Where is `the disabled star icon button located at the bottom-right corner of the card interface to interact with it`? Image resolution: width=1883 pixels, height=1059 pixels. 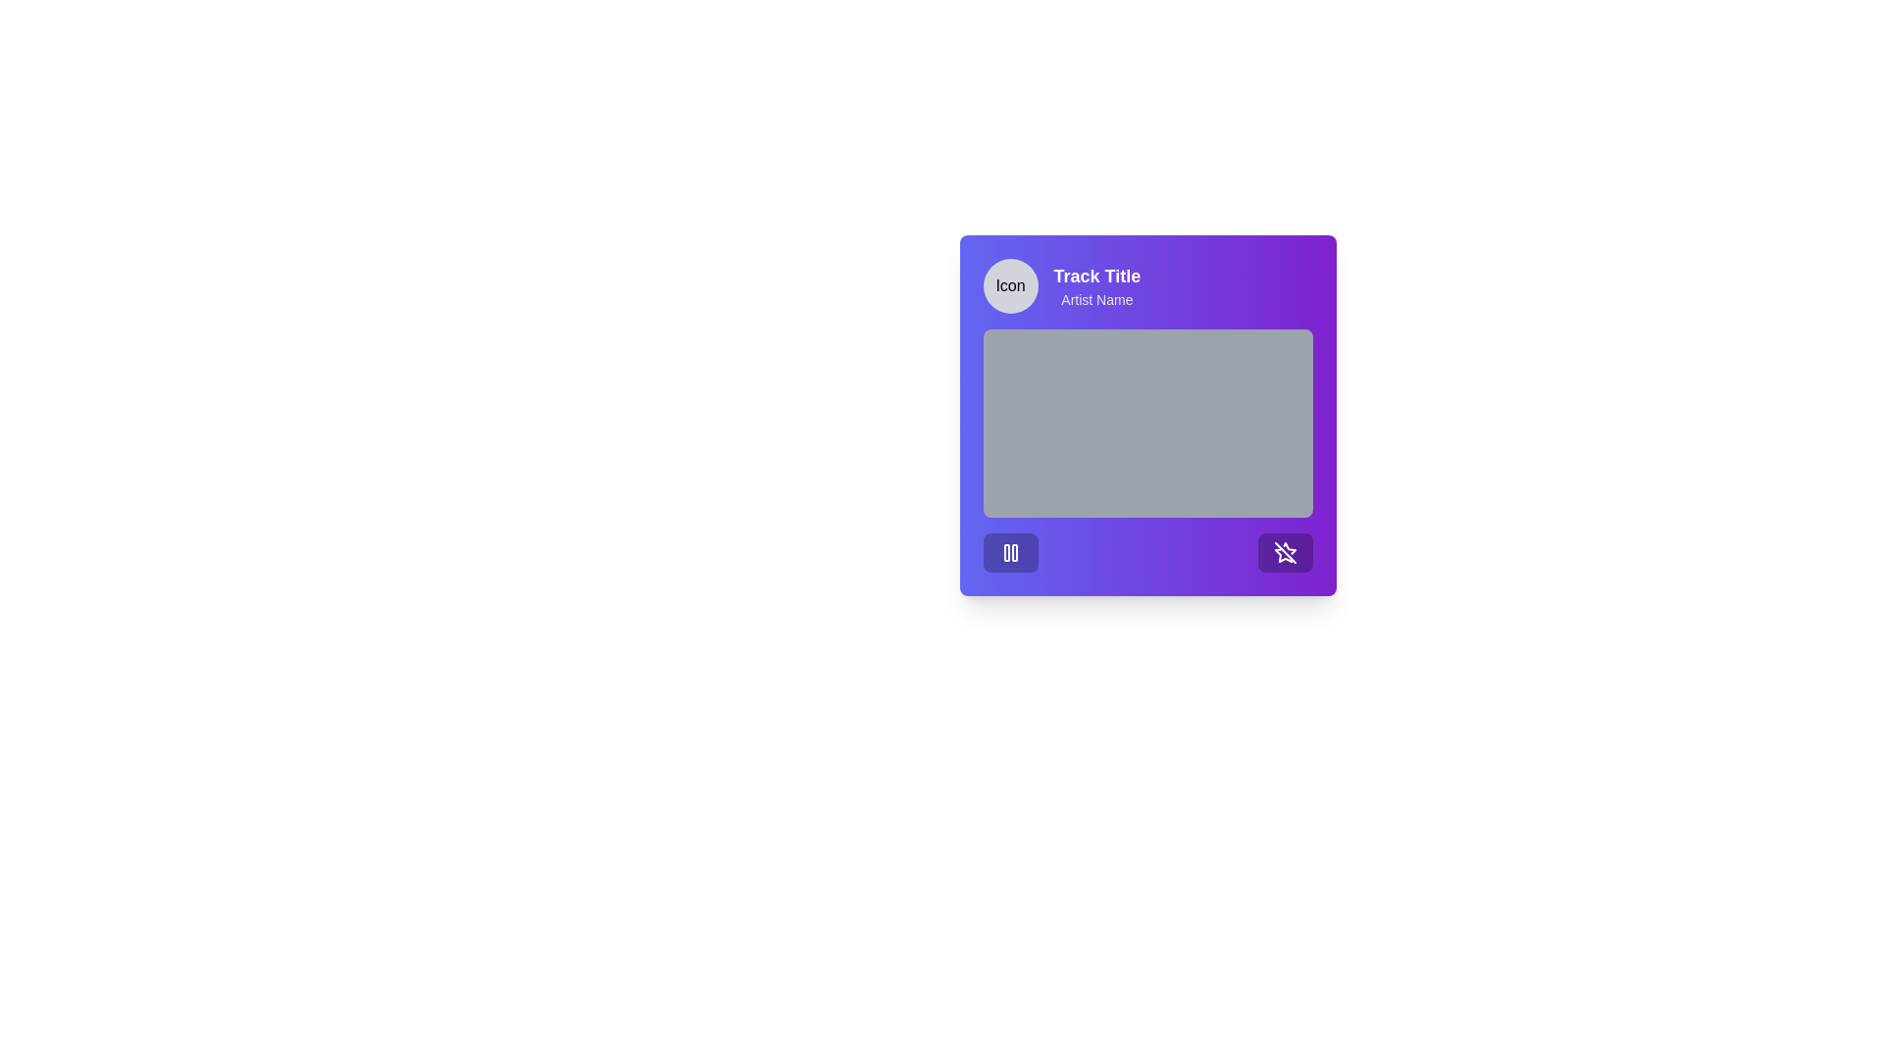 the disabled star icon button located at the bottom-right corner of the card interface to interact with it is located at coordinates (1285, 552).